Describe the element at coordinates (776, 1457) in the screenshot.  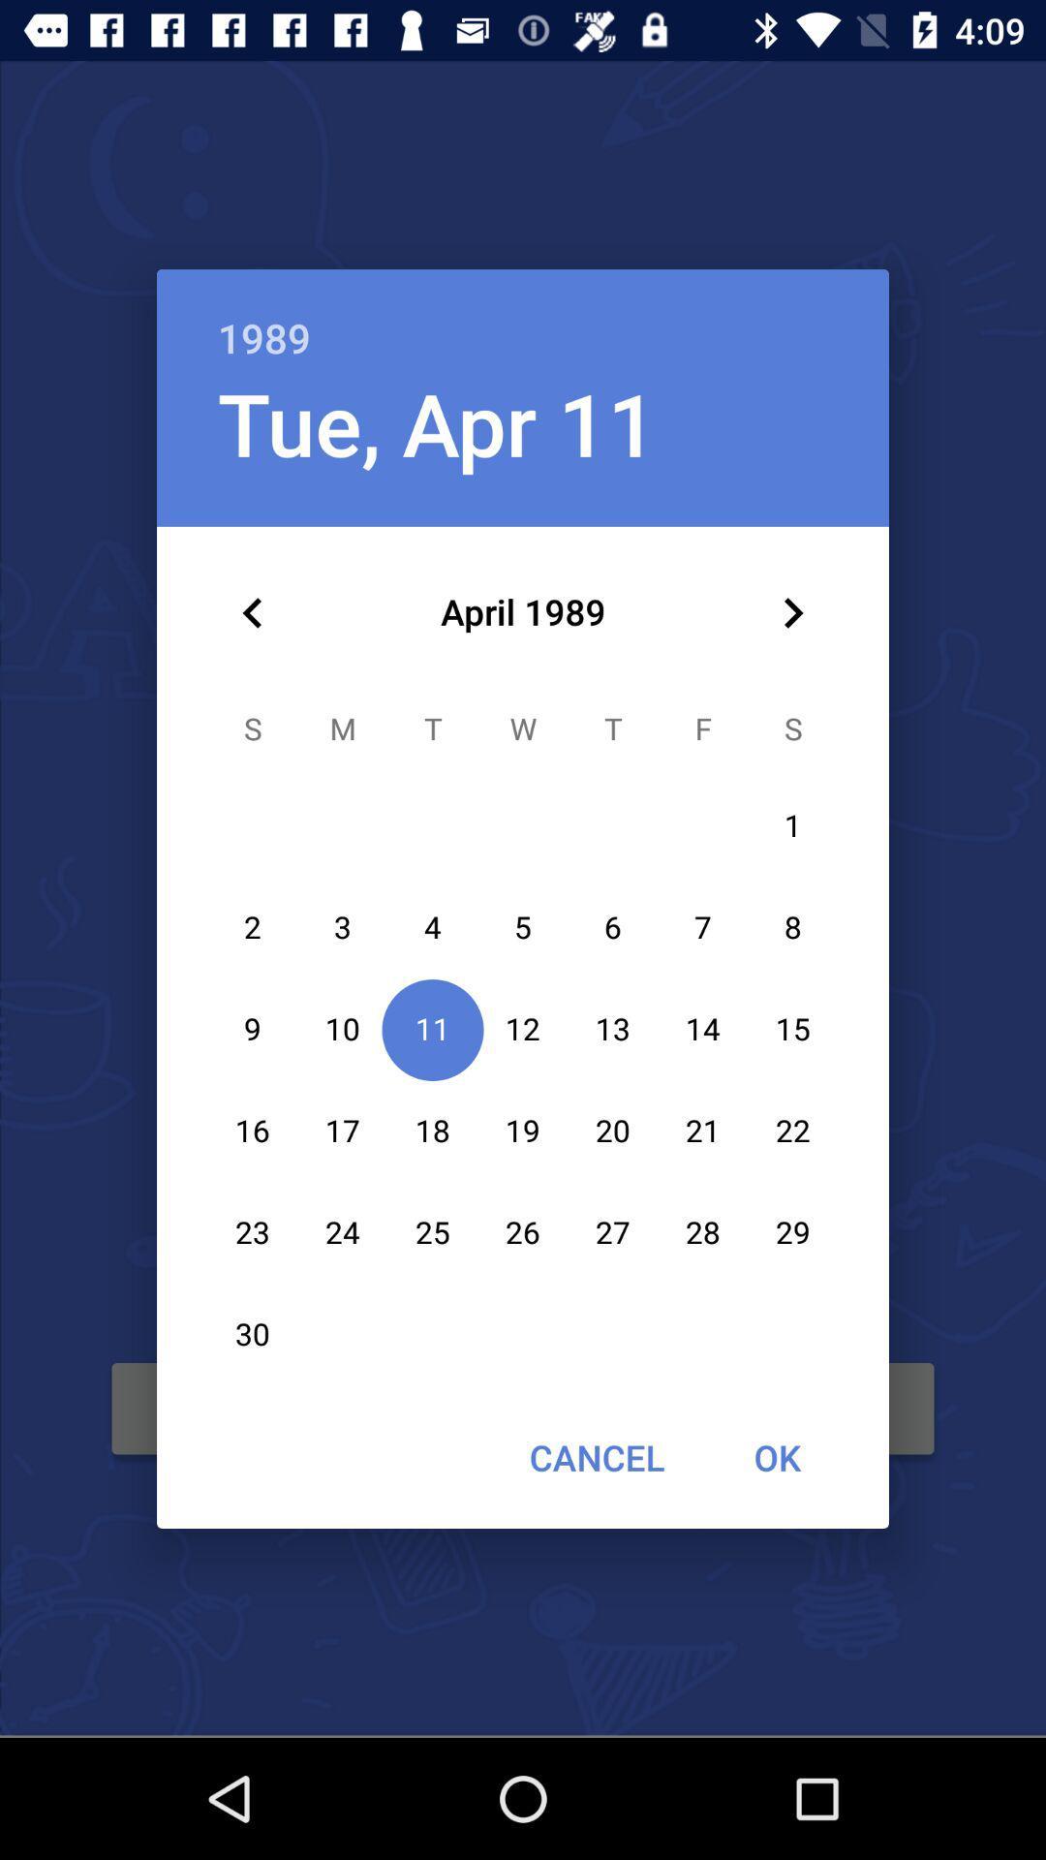
I see `ok at the bottom right corner` at that location.